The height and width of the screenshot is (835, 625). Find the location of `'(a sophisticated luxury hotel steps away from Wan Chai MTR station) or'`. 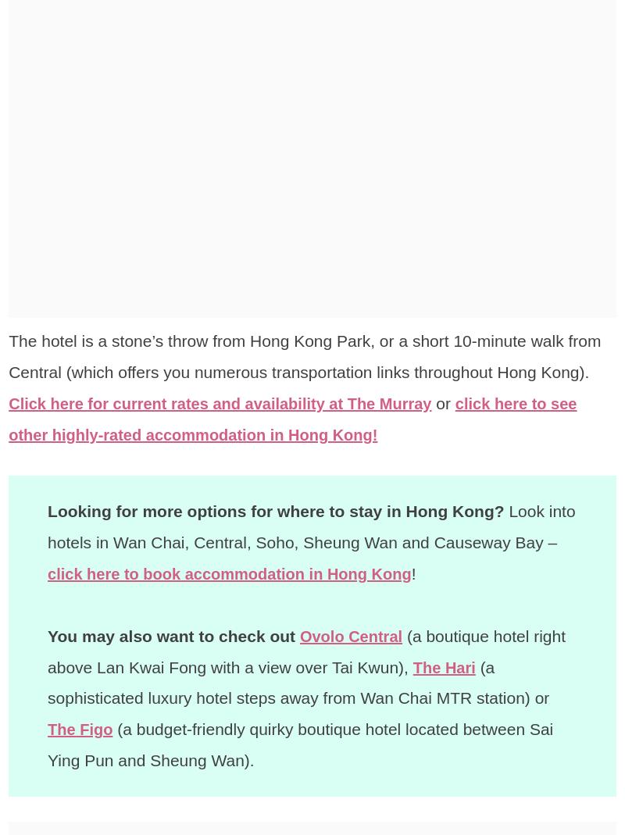

'(a sophisticated luxury hotel steps away from Wan Chai MTR station) or' is located at coordinates (298, 681).